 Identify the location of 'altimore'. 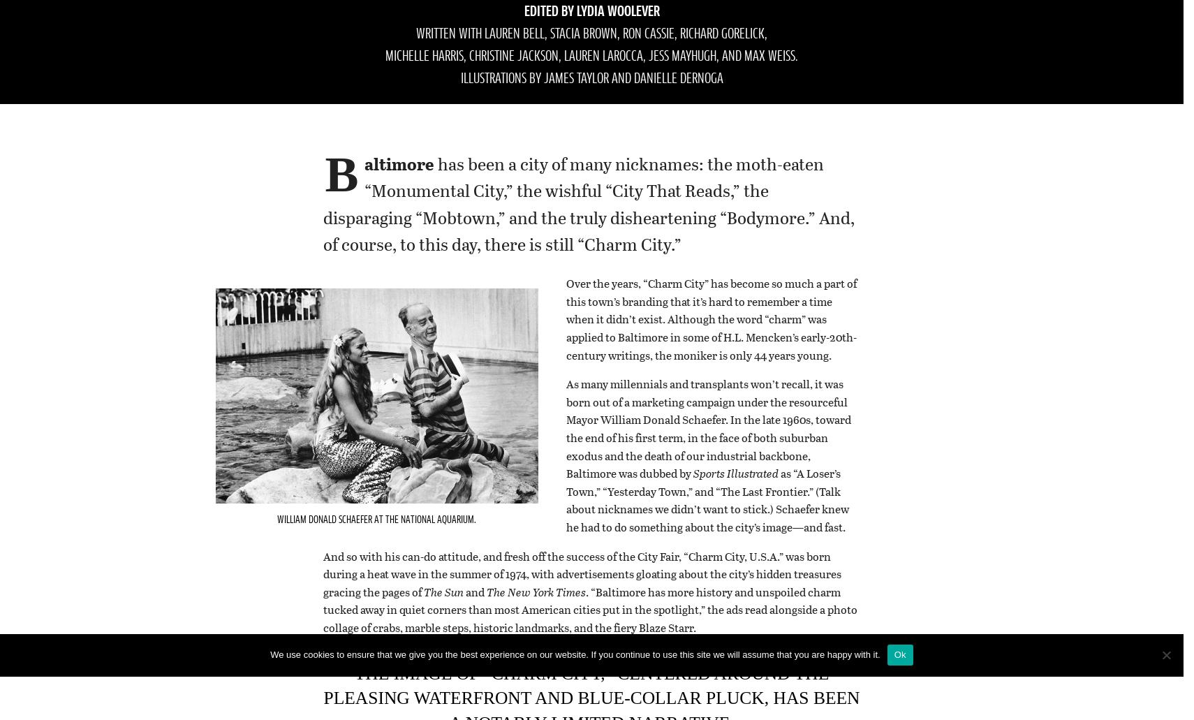
(398, 163).